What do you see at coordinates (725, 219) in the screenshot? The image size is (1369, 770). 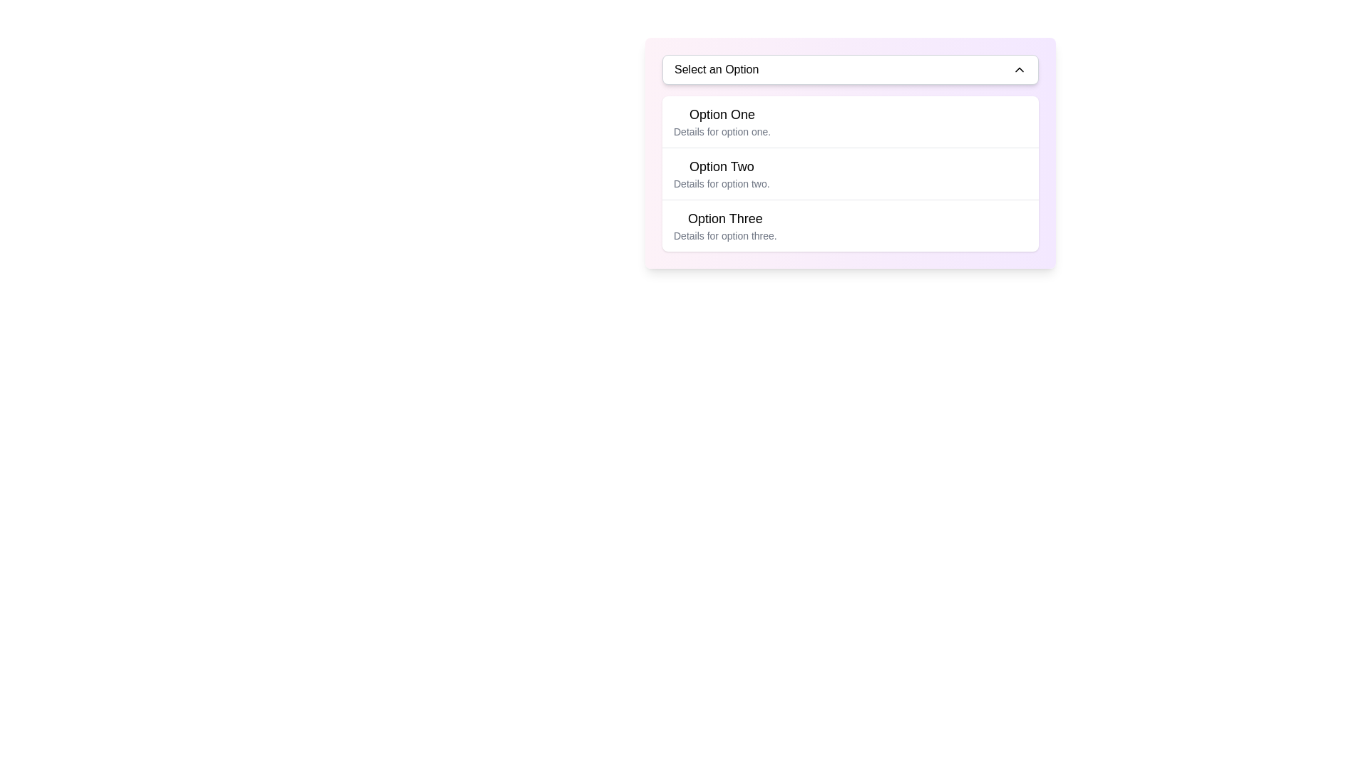 I see `the text label that serves as the title for the third selectable option in the list, which is positioned below 'Option Two' and above no other options` at bounding box center [725, 219].